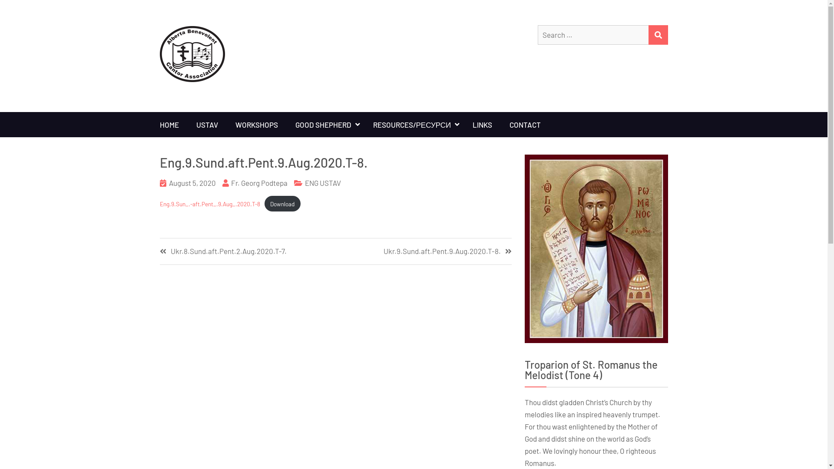 The width and height of the screenshot is (834, 469). What do you see at coordinates (256, 124) in the screenshot?
I see `'WORKSHOPS'` at bounding box center [256, 124].